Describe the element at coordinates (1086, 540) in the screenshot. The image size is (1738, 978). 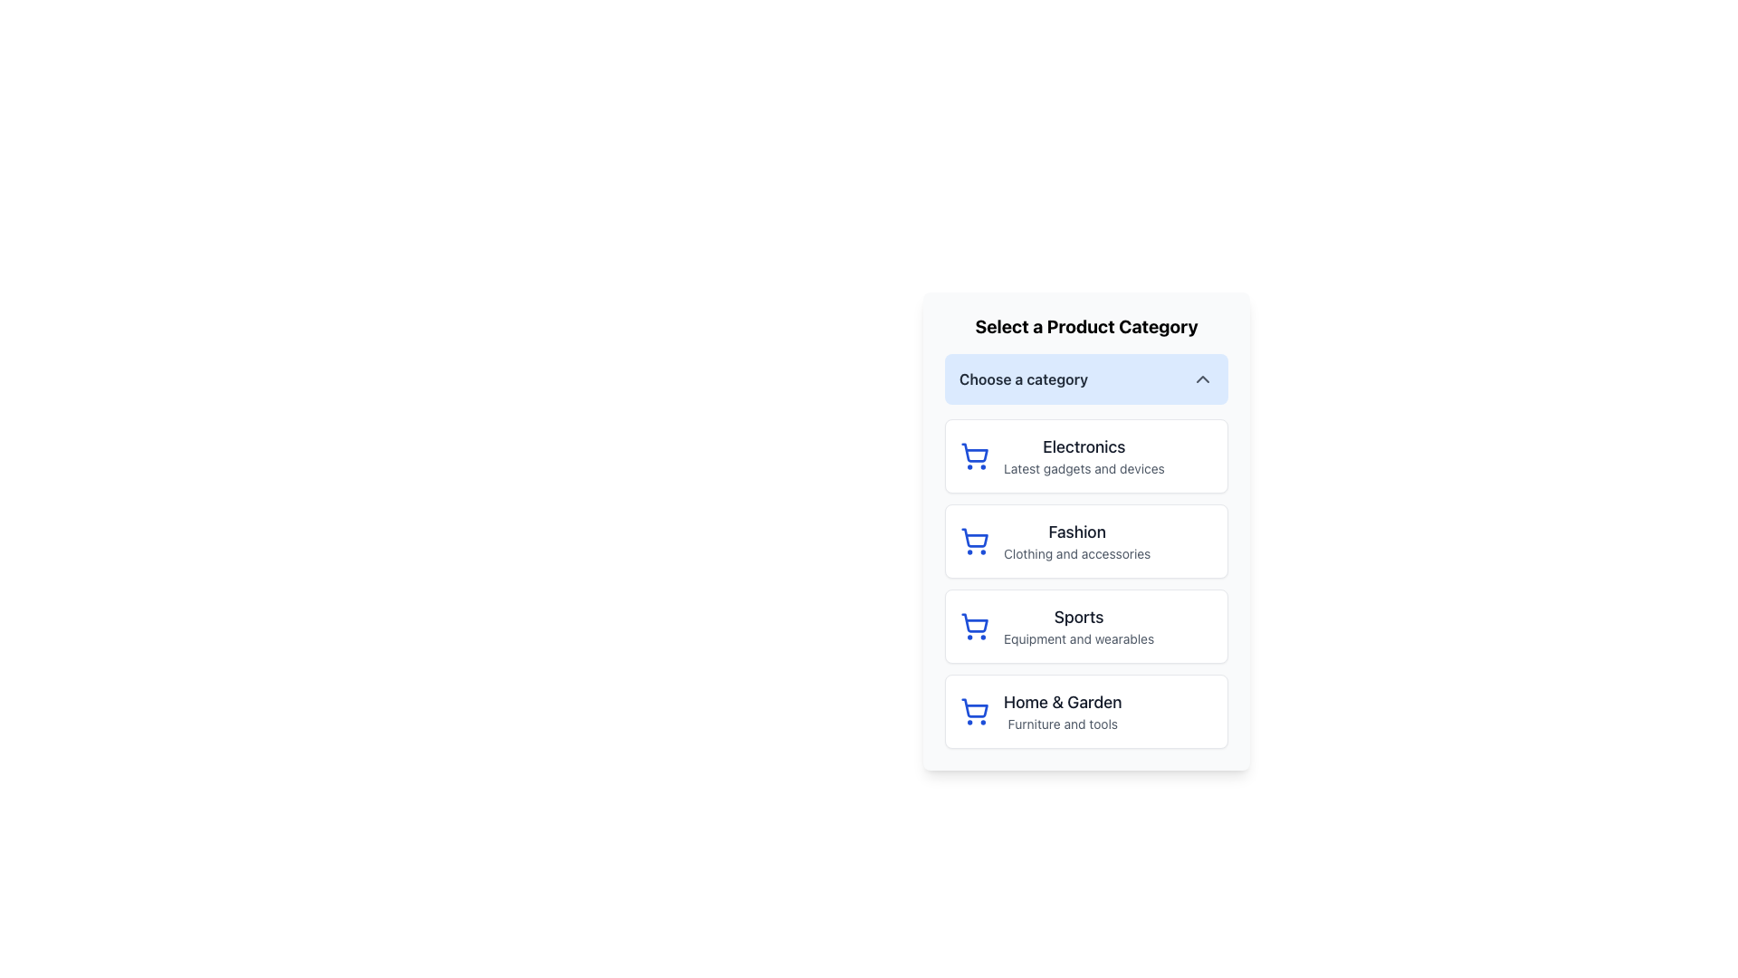
I see `the 'Fashion' category button, which features a blue shopping cart icon and text indicating 'Fashion' and 'Clothing and accessories'. It is the second button in a vertical list of categories` at that location.